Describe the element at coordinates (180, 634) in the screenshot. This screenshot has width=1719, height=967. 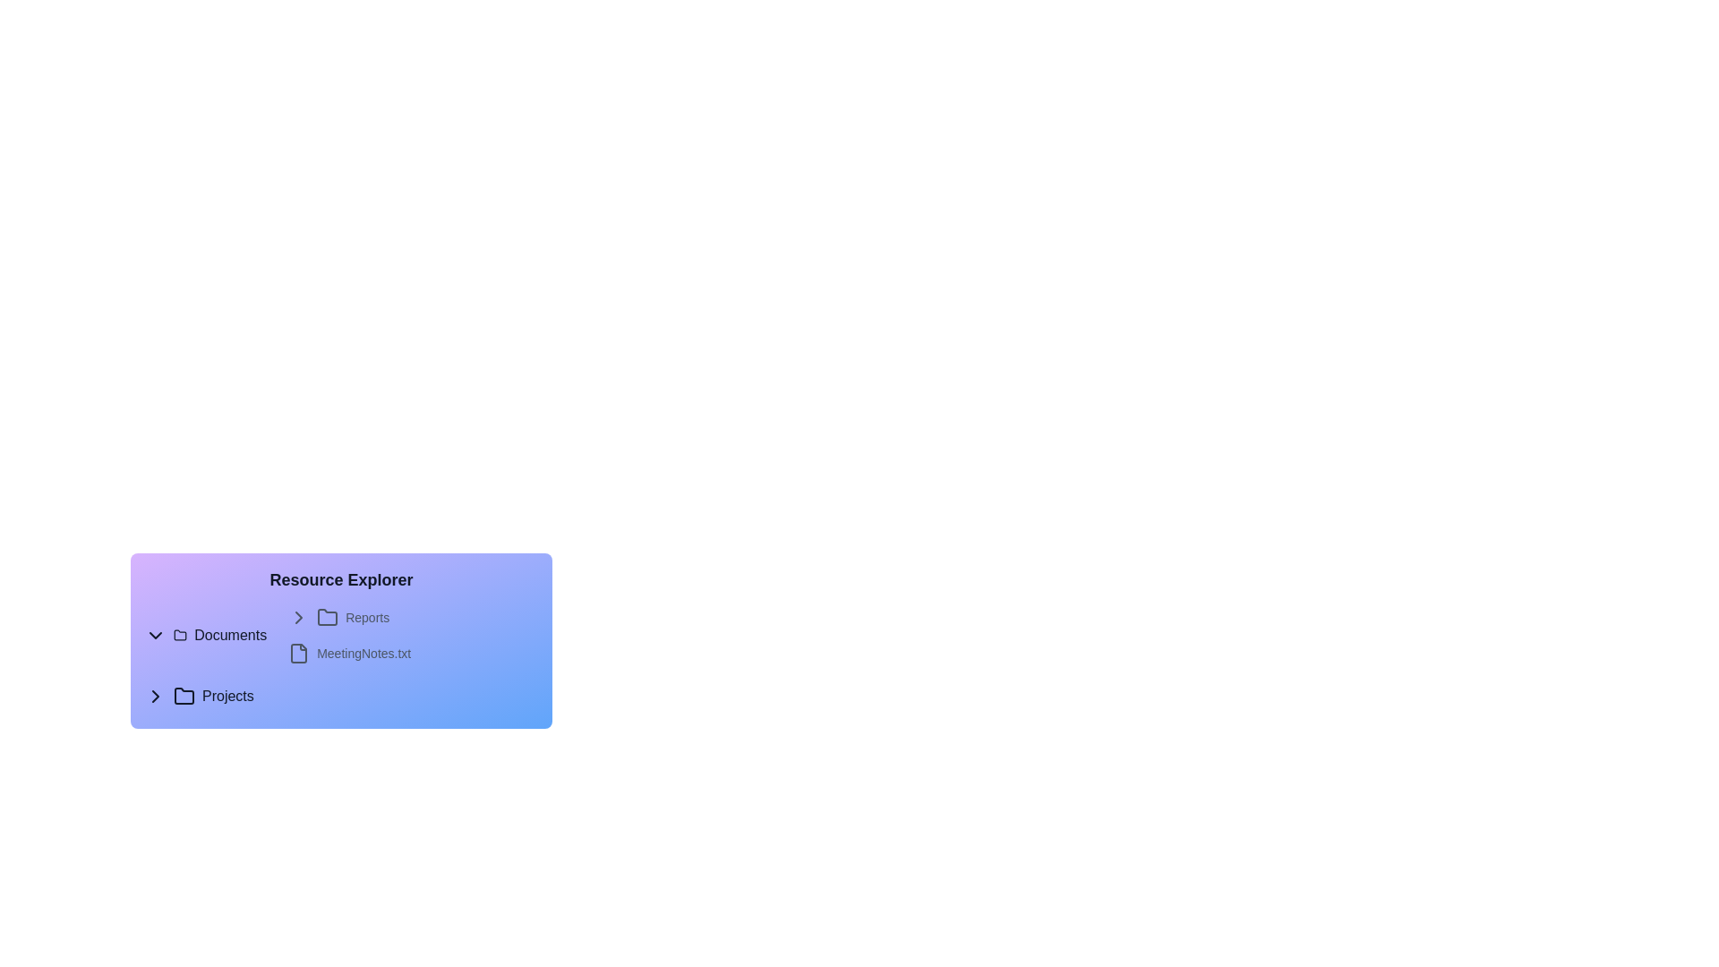
I see `the Folder icon located in the 'Resource Explorer' interface under the 'Documents' section, specifically to the left of the text 'Reports'` at that location.